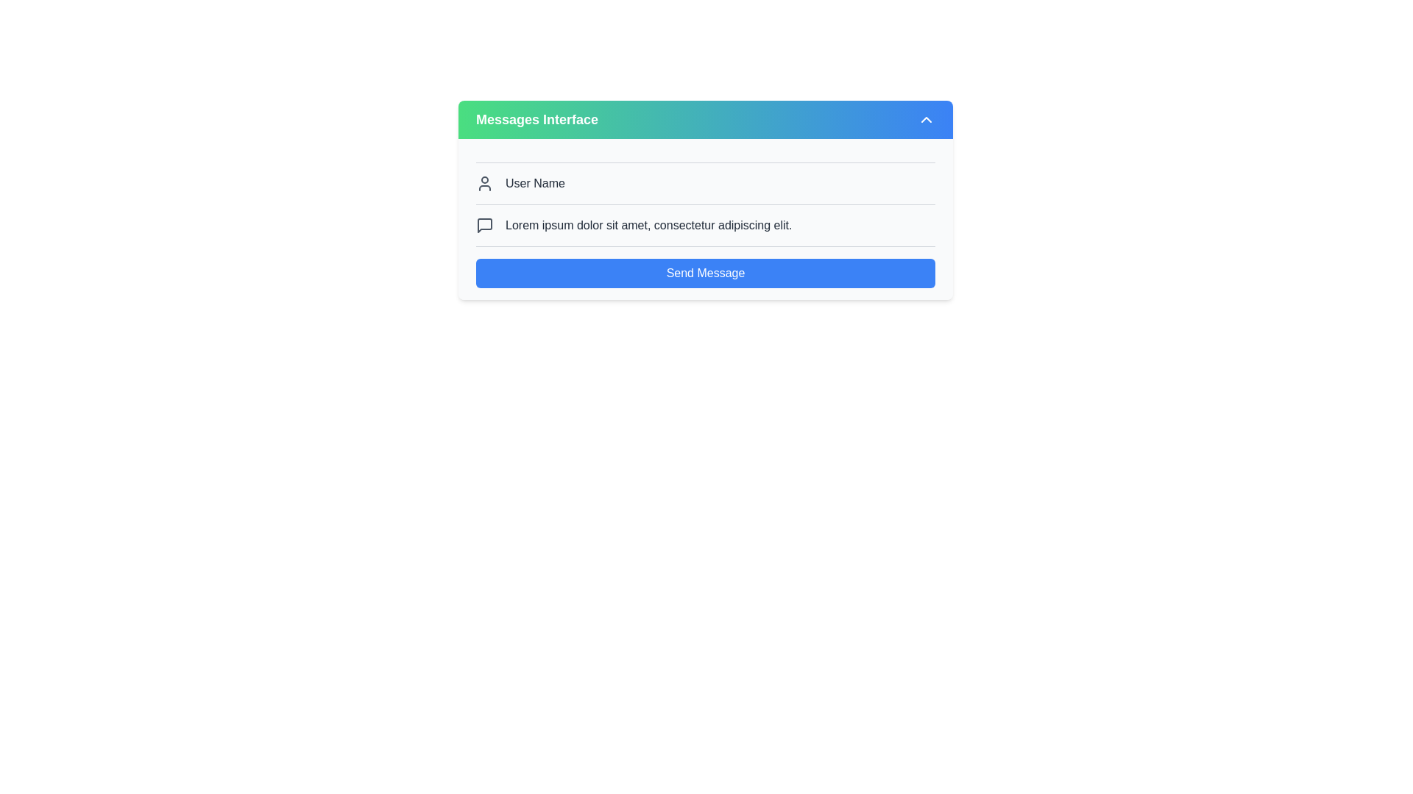 This screenshot has height=794, width=1413. What do you see at coordinates (534, 183) in the screenshot?
I see `the 'User Name' label, which is displayed in dark gray font and located next to a user icon in the 'Messages Interface' section` at bounding box center [534, 183].